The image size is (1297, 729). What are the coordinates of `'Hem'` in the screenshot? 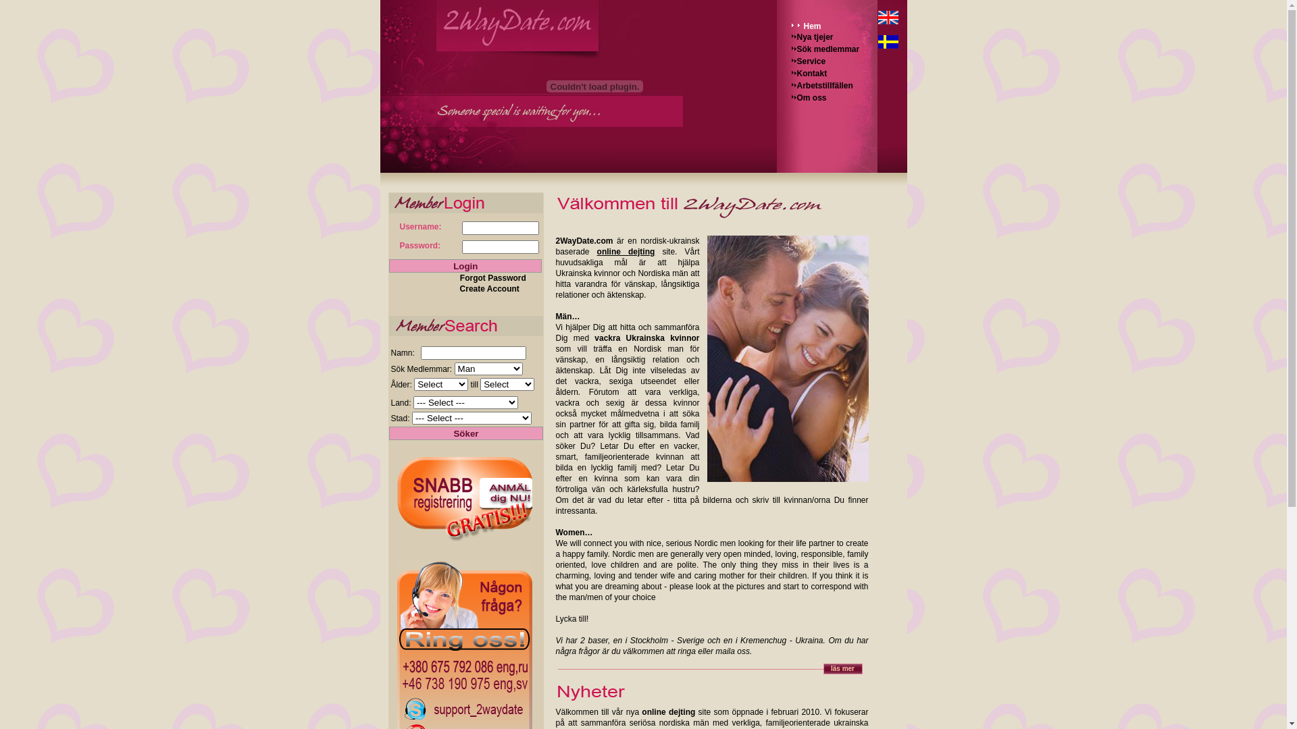 It's located at (797, 26).